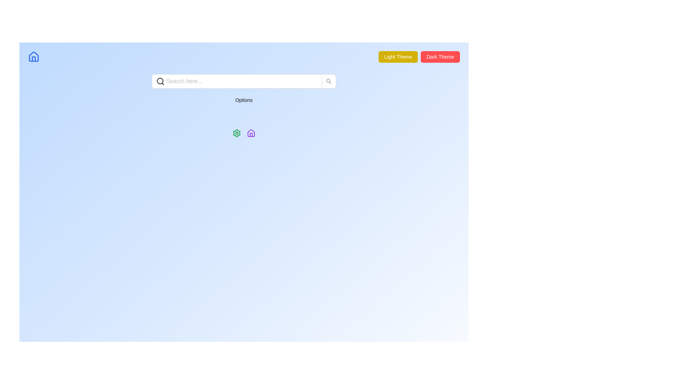 Image resolution: width=691 pixels, height=389 pixels. I want to click on the home icon located to the right of the green gear icon in the 'Options' group, which serves as a navigation shortcut, so click(251, 133).